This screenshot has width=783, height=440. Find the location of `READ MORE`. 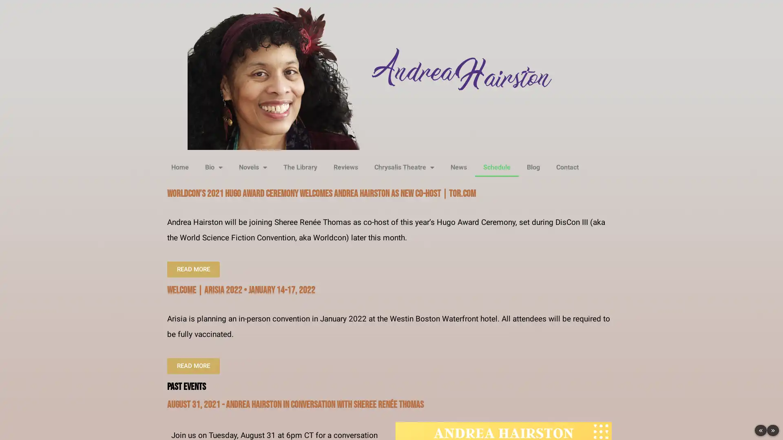

READ MORE is located at coordinates (193, 269).